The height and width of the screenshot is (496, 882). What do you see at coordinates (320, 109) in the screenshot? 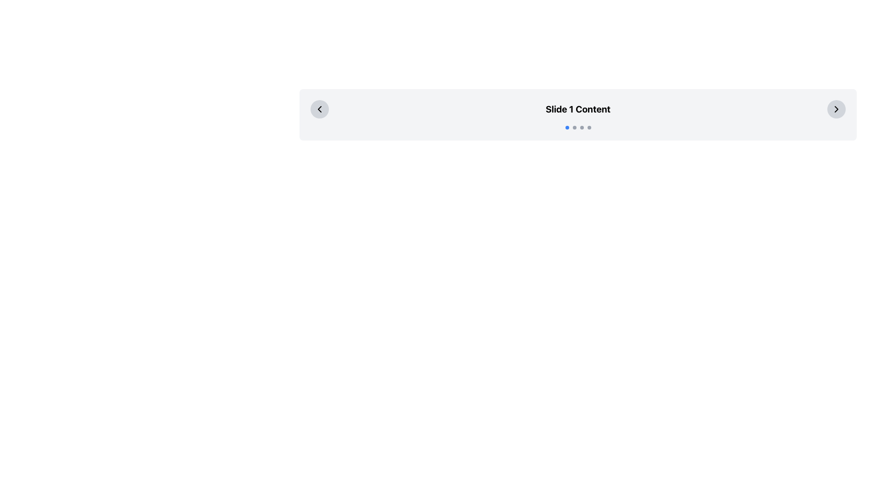
I see `the circular button containing the left-facing chevron icon outlined in black, located at the far left of the carousel header` at bounding box center [320, 109].